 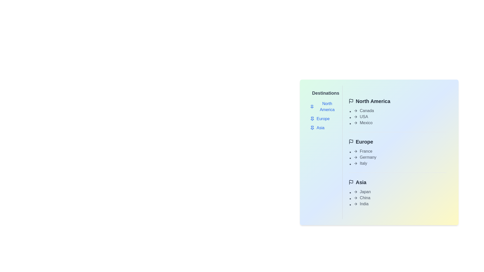 I want to click on the right-pointing arrow icon located to the immediate left of the text 'Germany' within the 'Europe' section, so click(x=355, y=157).